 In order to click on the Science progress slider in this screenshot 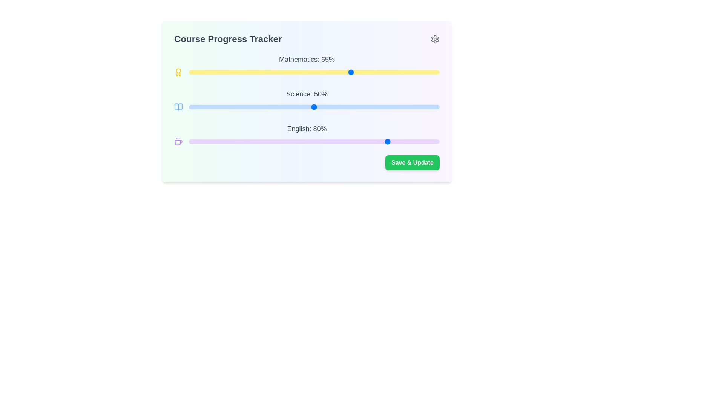, I will do `click(238, 107)`.